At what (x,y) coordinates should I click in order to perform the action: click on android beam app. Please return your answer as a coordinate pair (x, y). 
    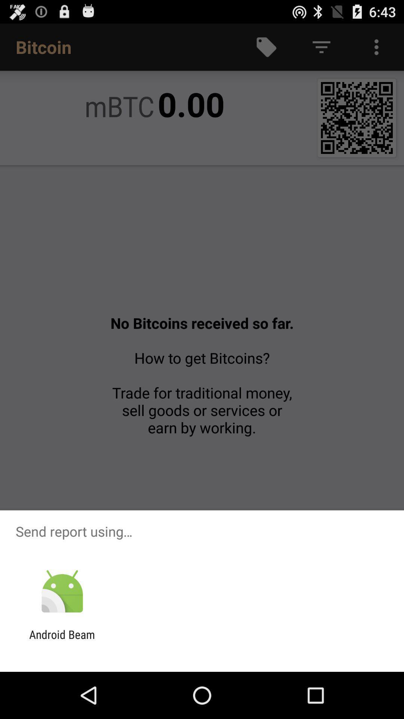
    Looking at the image, I should click on (62, 641).